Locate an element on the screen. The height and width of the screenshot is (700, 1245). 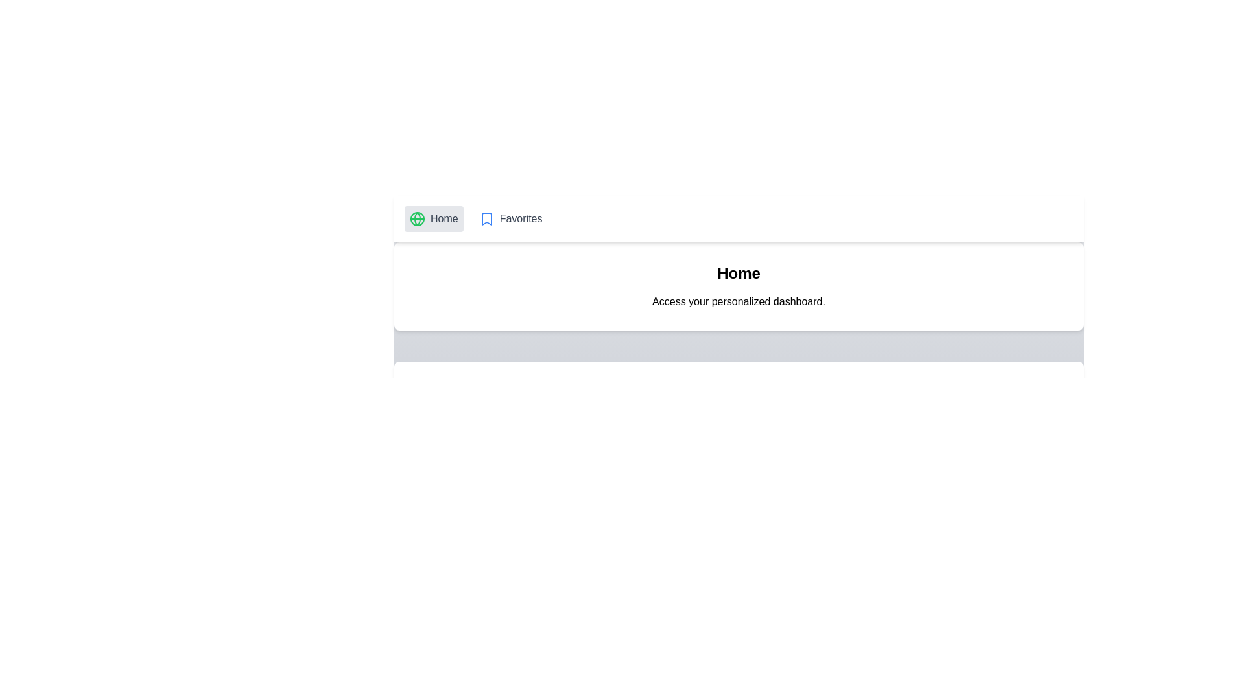
the informational text element that guides users to their personalized dashboard, located below the 'Home' title and centered within the card is located at coordinates (739, 302).